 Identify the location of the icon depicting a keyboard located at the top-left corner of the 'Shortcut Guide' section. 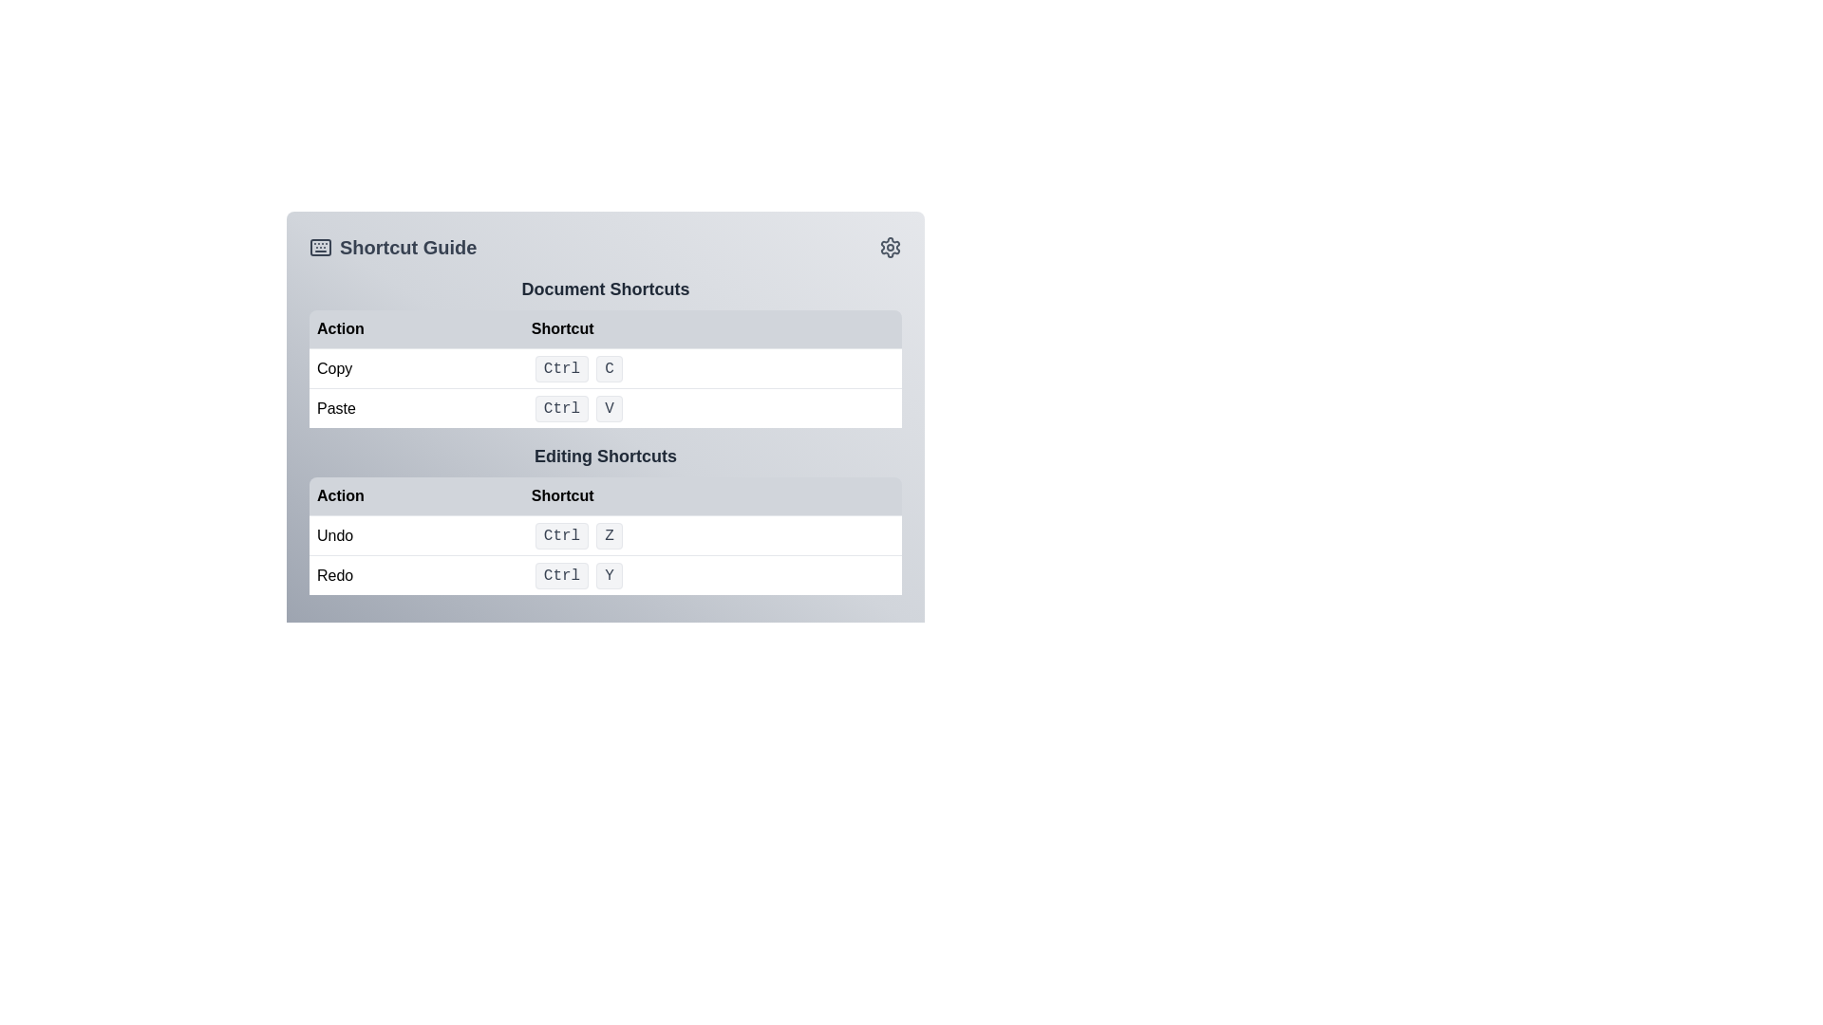
(320, 247).